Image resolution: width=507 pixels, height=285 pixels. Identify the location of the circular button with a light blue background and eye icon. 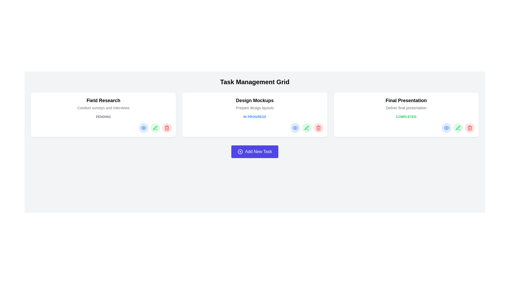
(295, 128).